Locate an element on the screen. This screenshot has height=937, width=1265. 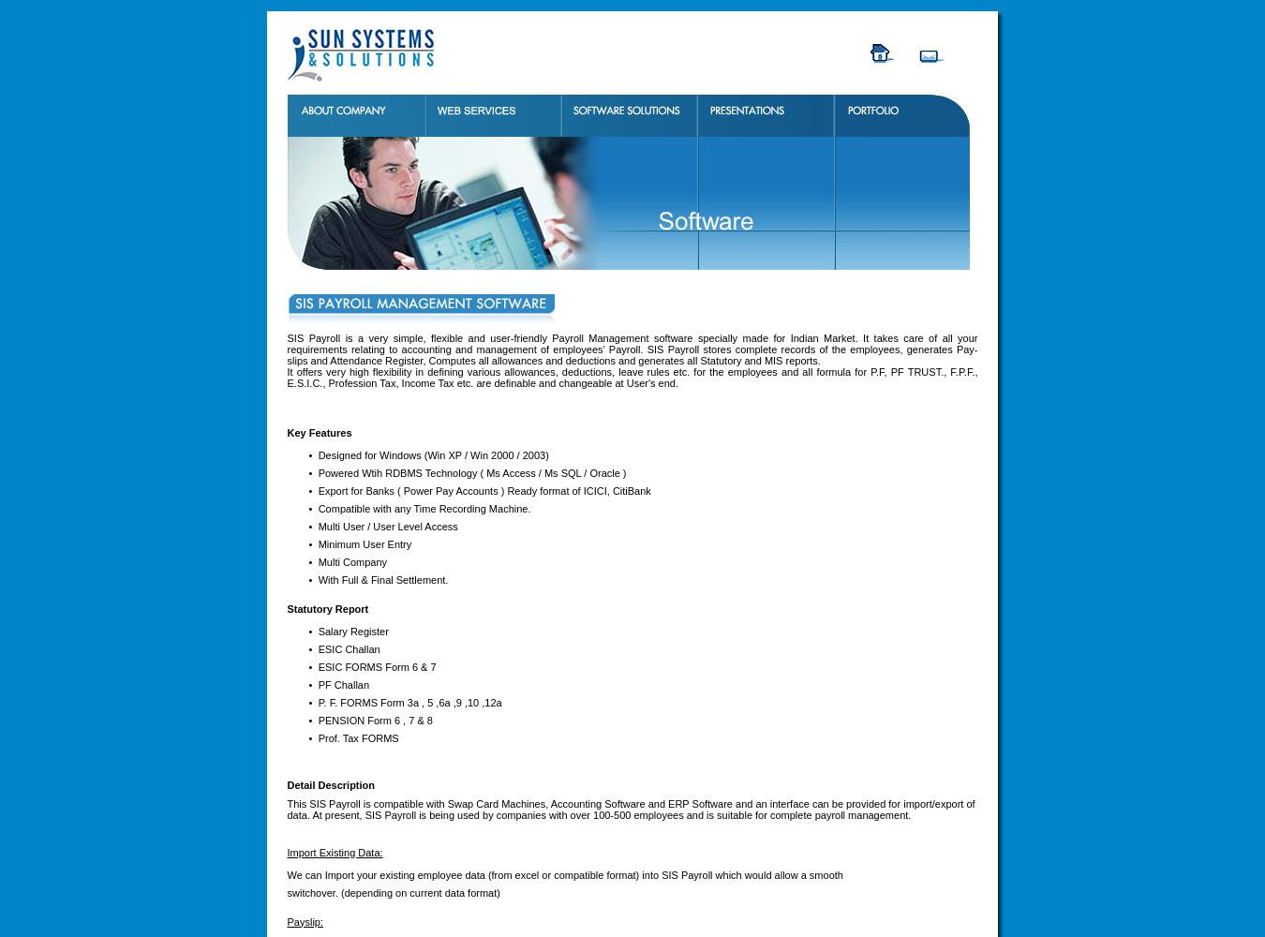
'Multi User / User Level Access' is located at coordinates (317, 526).